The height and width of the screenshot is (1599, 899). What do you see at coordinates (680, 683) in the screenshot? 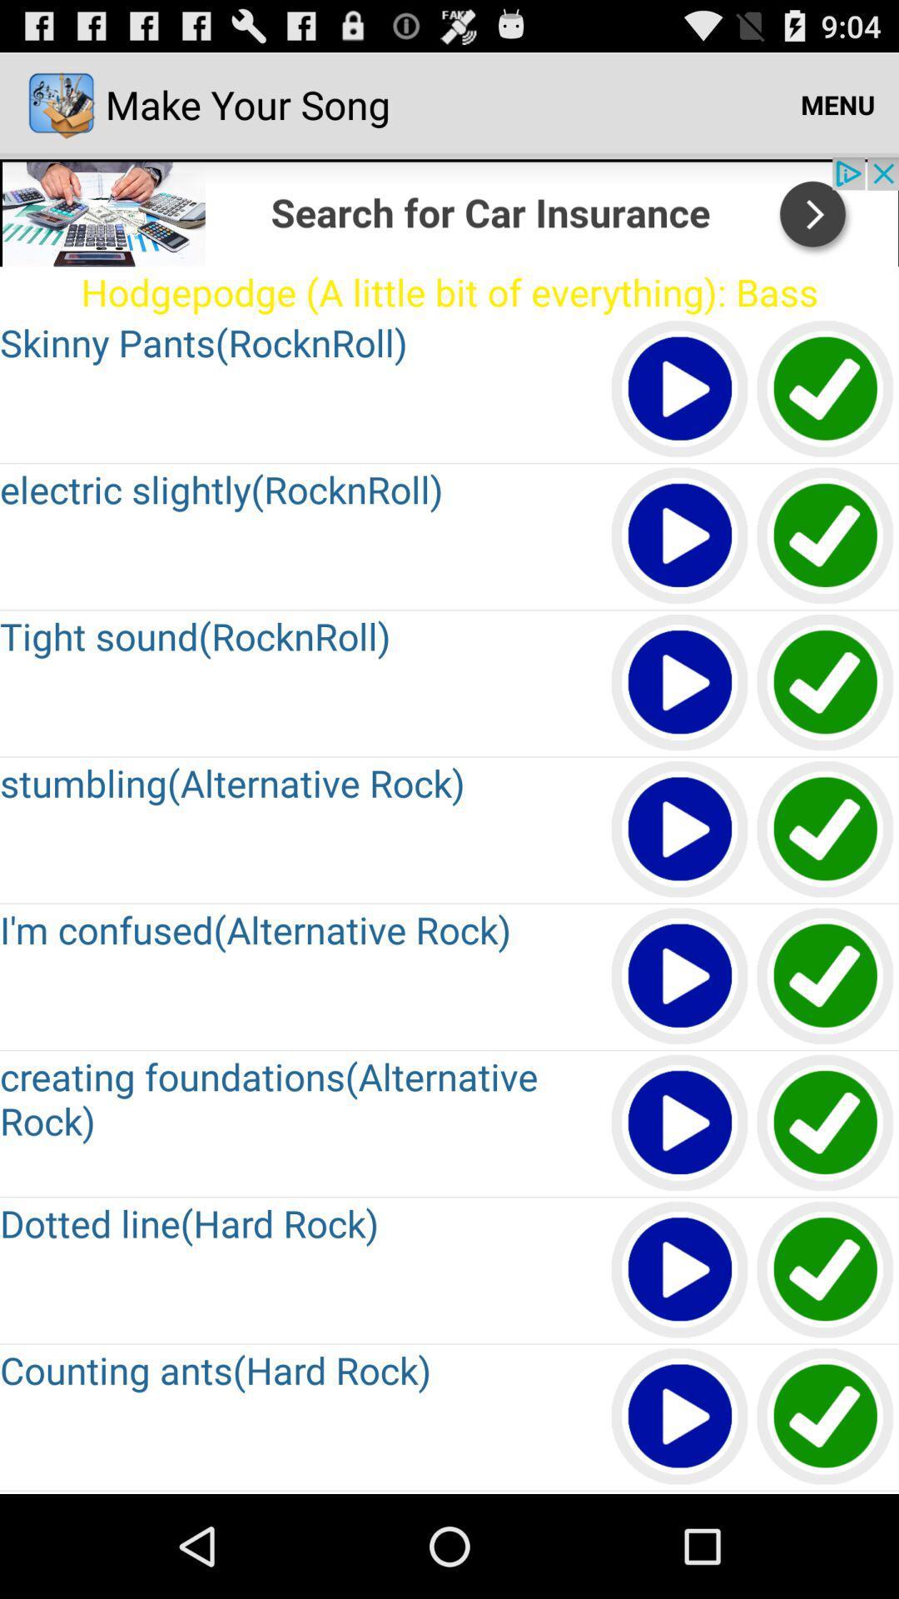
I see `for play` at bounding box center [680, 683].